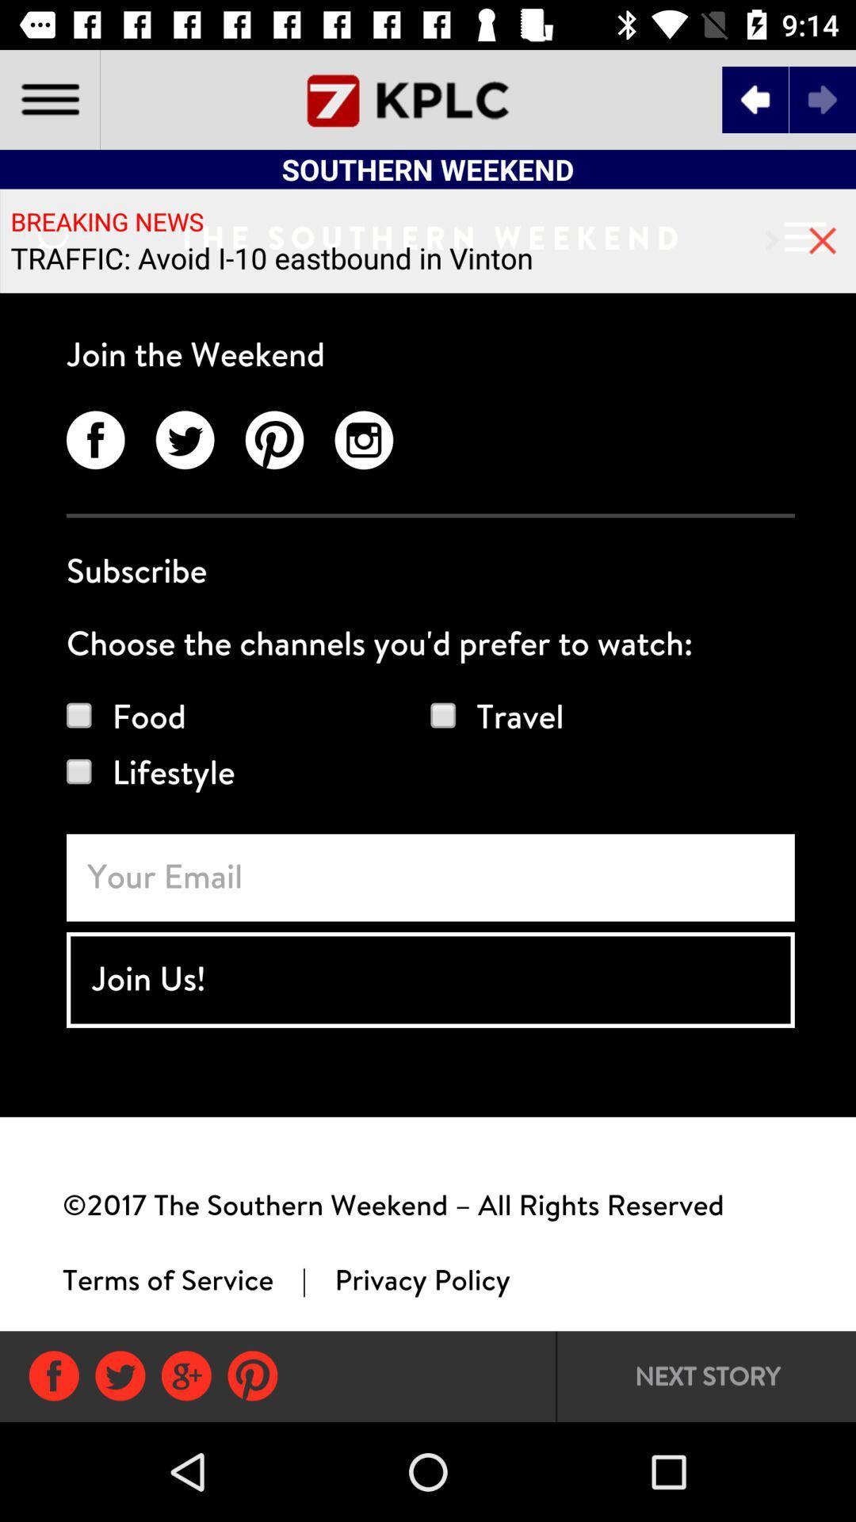 This screenshot has width=856, height=1522. What do you see at coordinates (48, 98) in the screenshot?
I see `the menu icon` at bounding box center [48, 98].